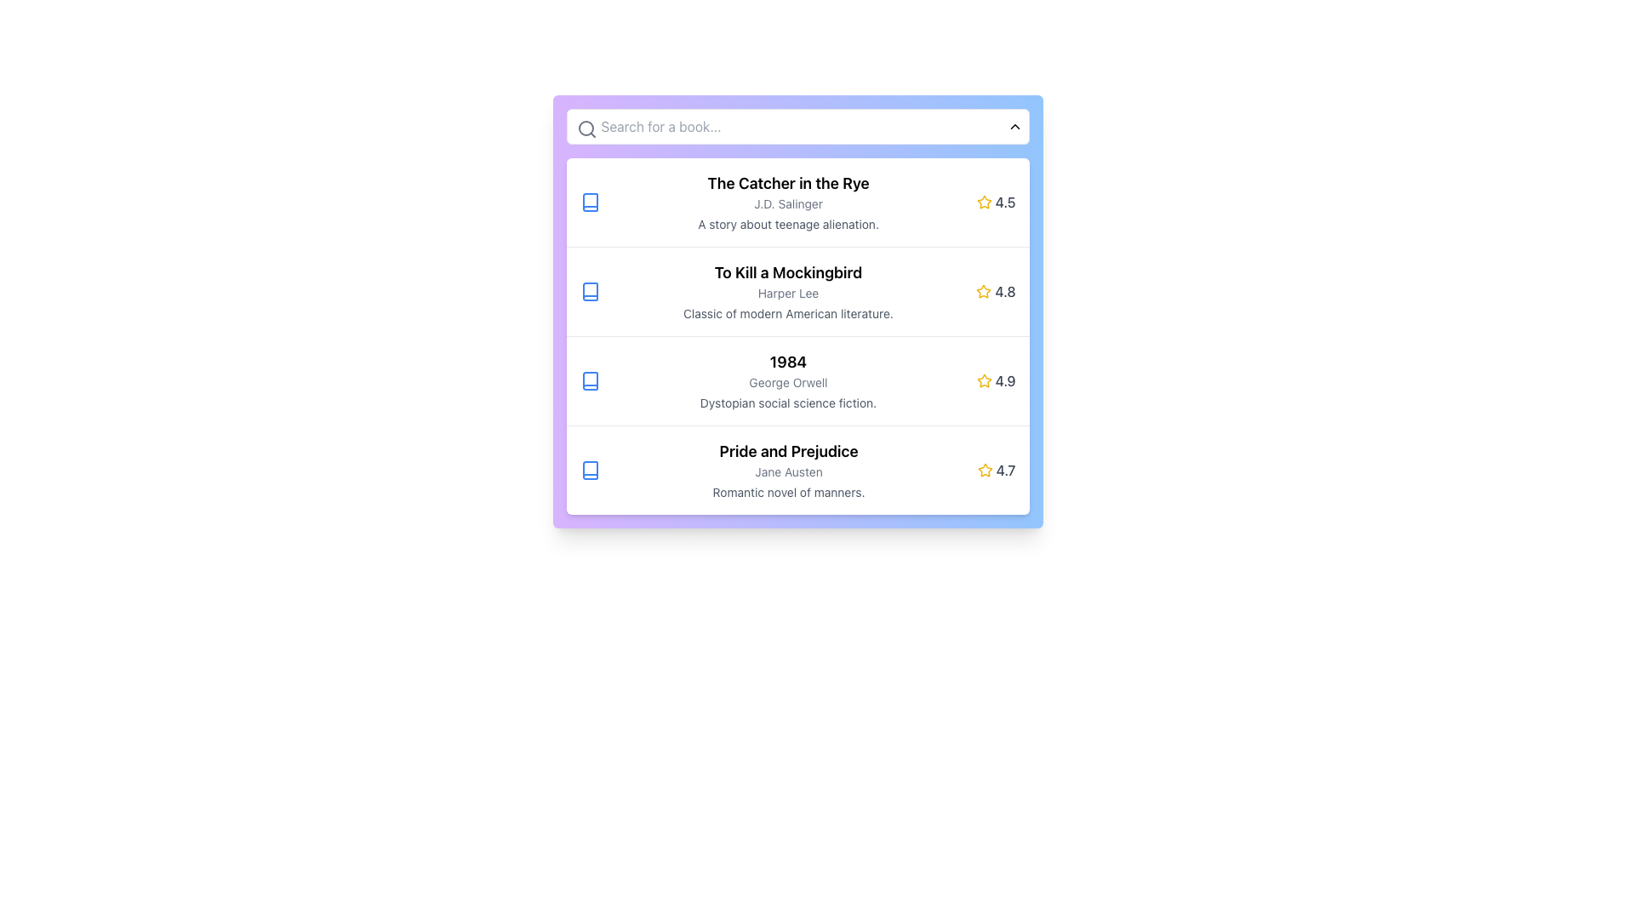  What do you see at coordinates (1005, 470) in the screenshot?
I see `the static text displaying the rating '4.7', which is styled in gray and located next to a star icon in the interface of the book list` at bounding box center [1005, 470].